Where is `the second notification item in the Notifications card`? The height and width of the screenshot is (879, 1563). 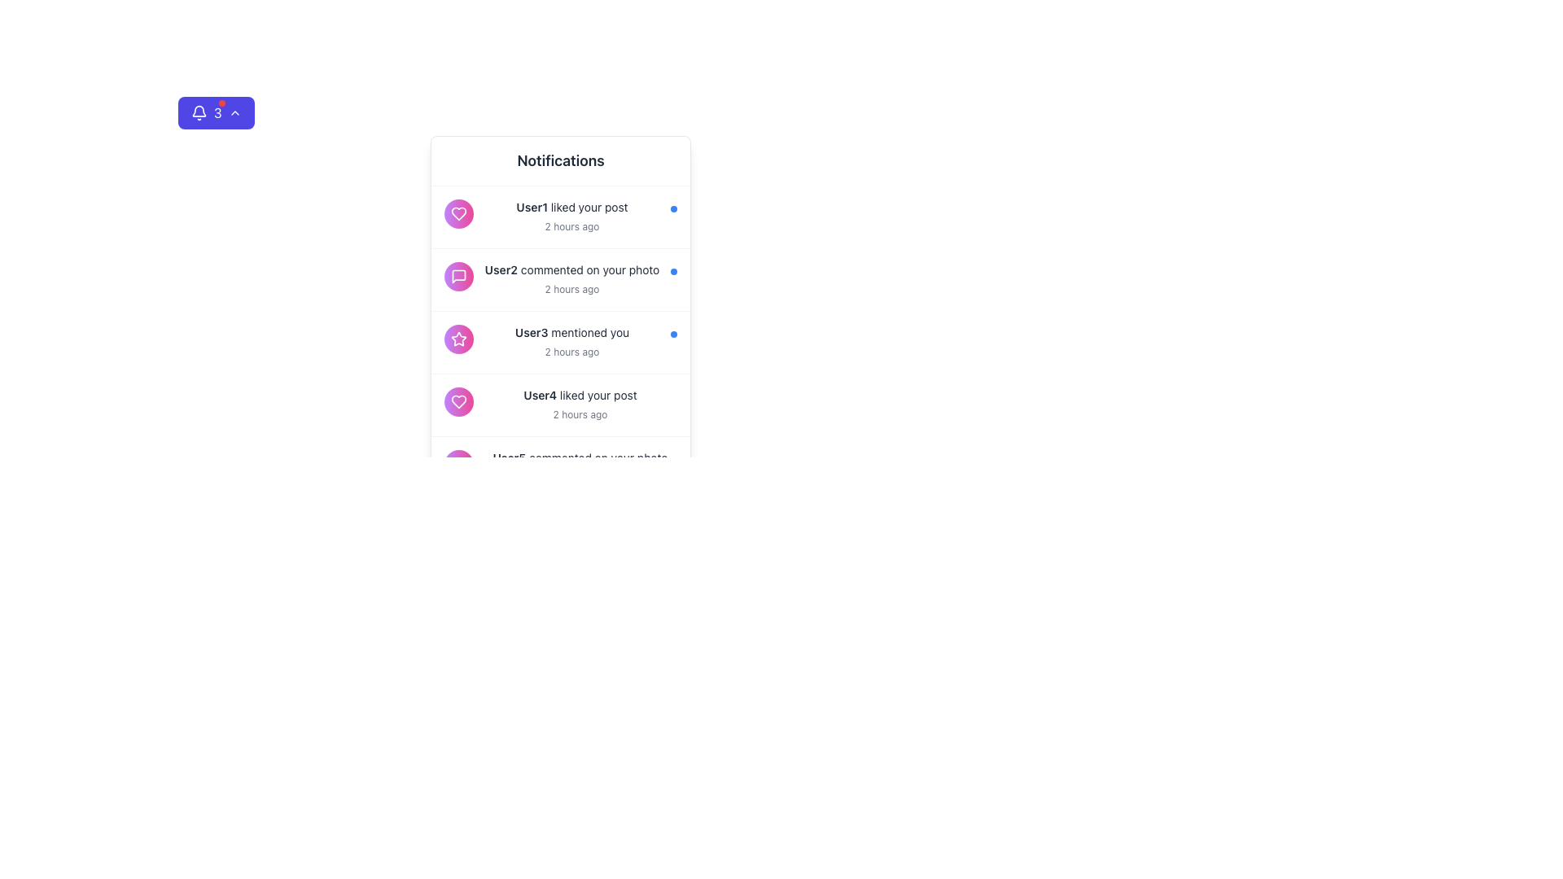
the second notification item in the Notifications card is located at coordinates (434, 265).